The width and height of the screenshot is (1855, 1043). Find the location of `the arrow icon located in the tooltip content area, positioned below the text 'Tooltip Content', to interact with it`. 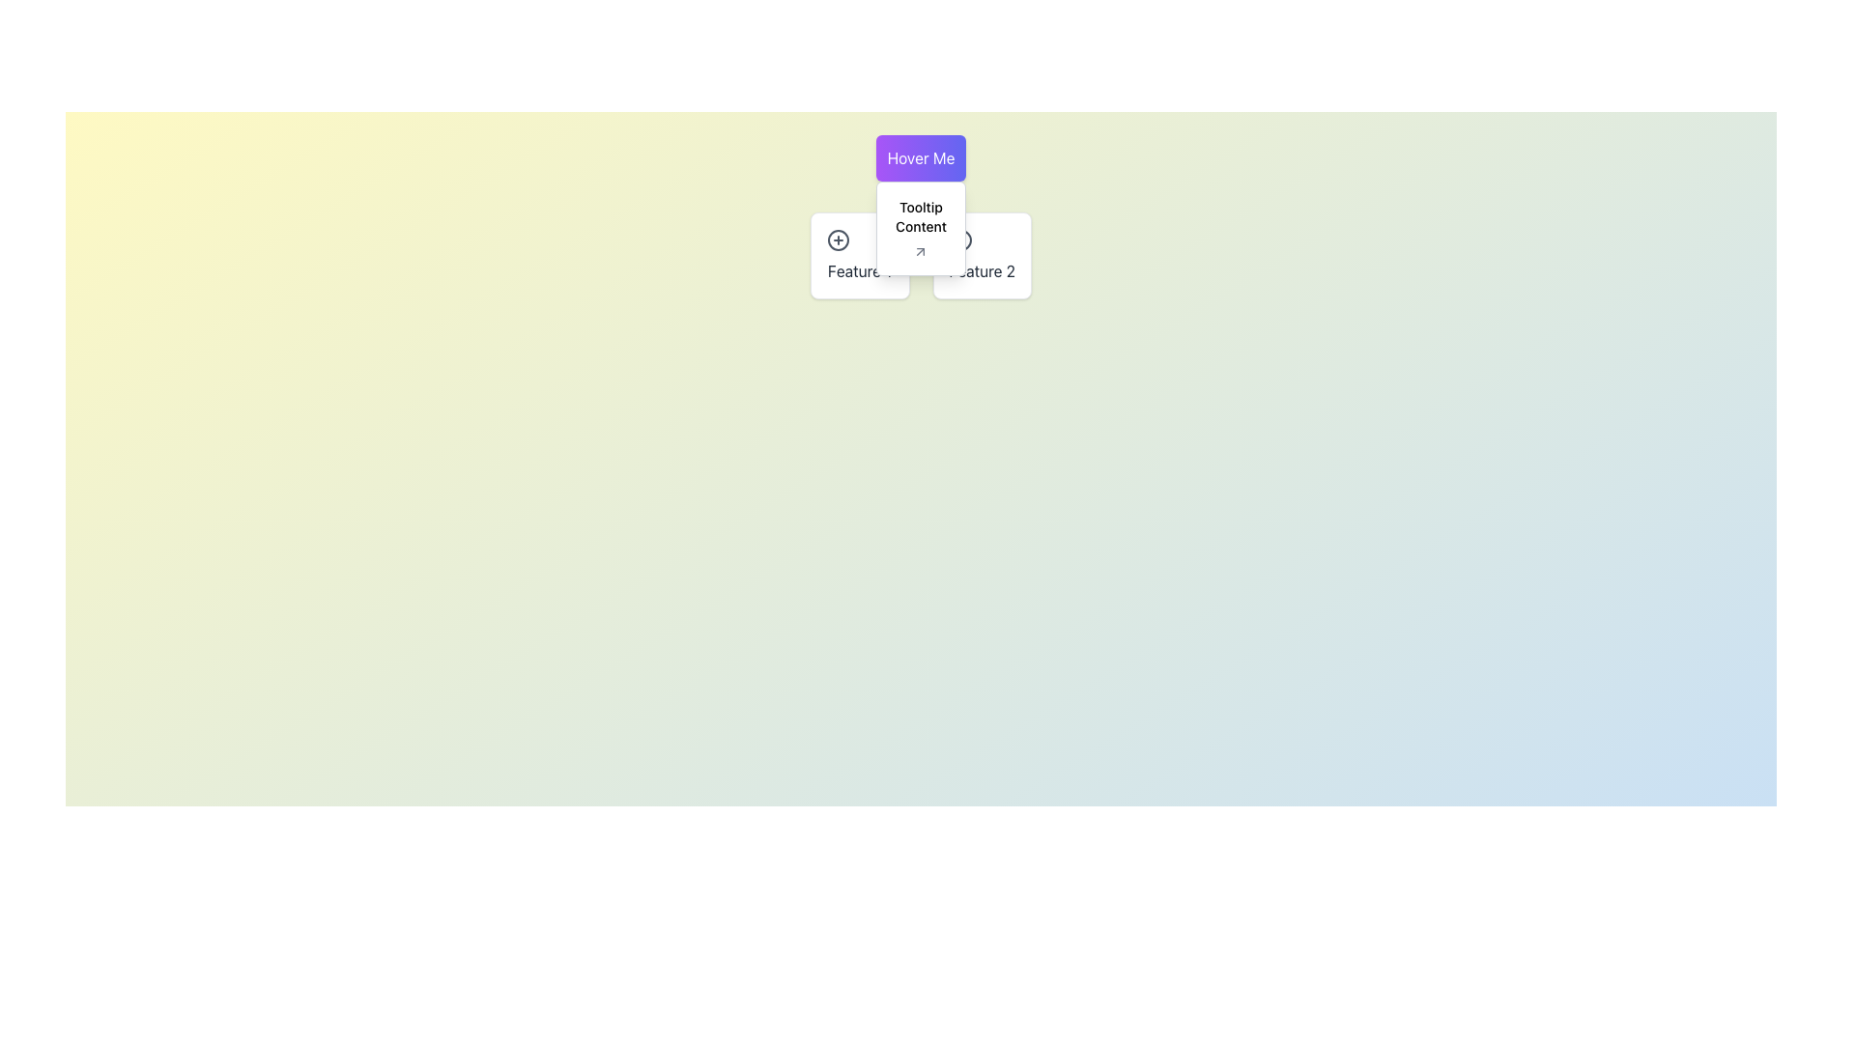

the arrow icon located in the tooltip content area, positioned below the text 'Tooltip Content', to interact with it is located at coordinates (920, 251).